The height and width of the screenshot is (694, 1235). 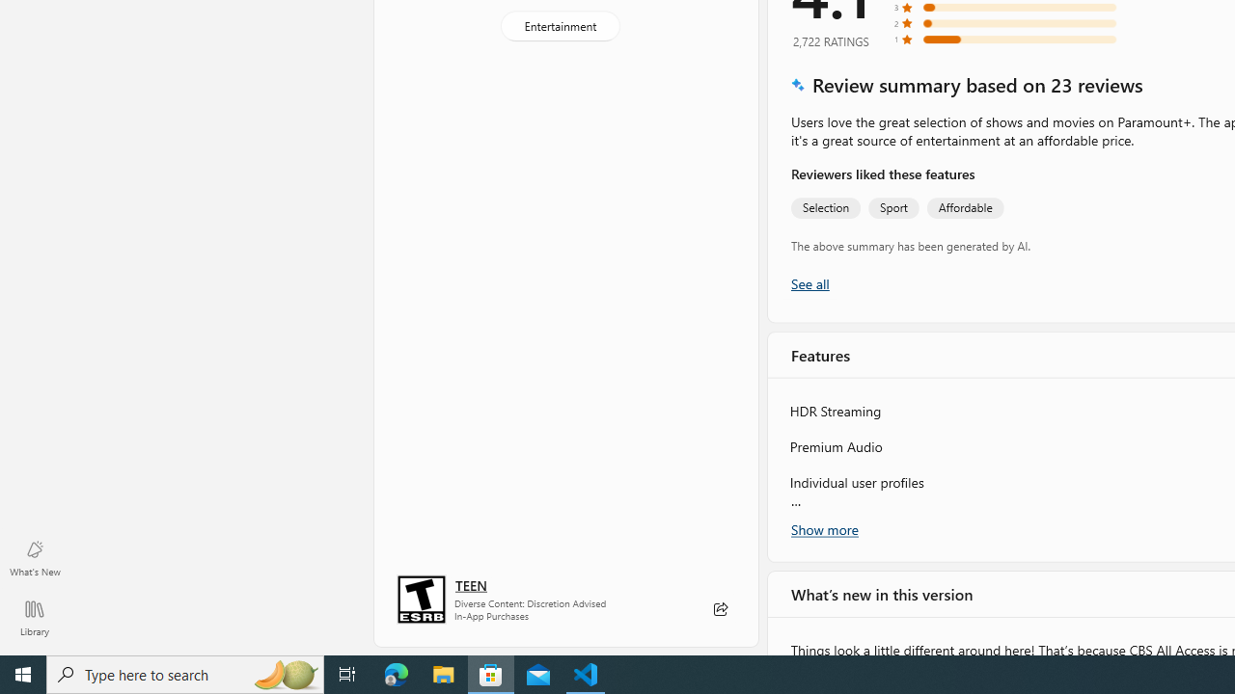 What do you see at coordinates (559, 26) in the screenshot?
I see `'Entertainment'` at bounding box center [559, 26].